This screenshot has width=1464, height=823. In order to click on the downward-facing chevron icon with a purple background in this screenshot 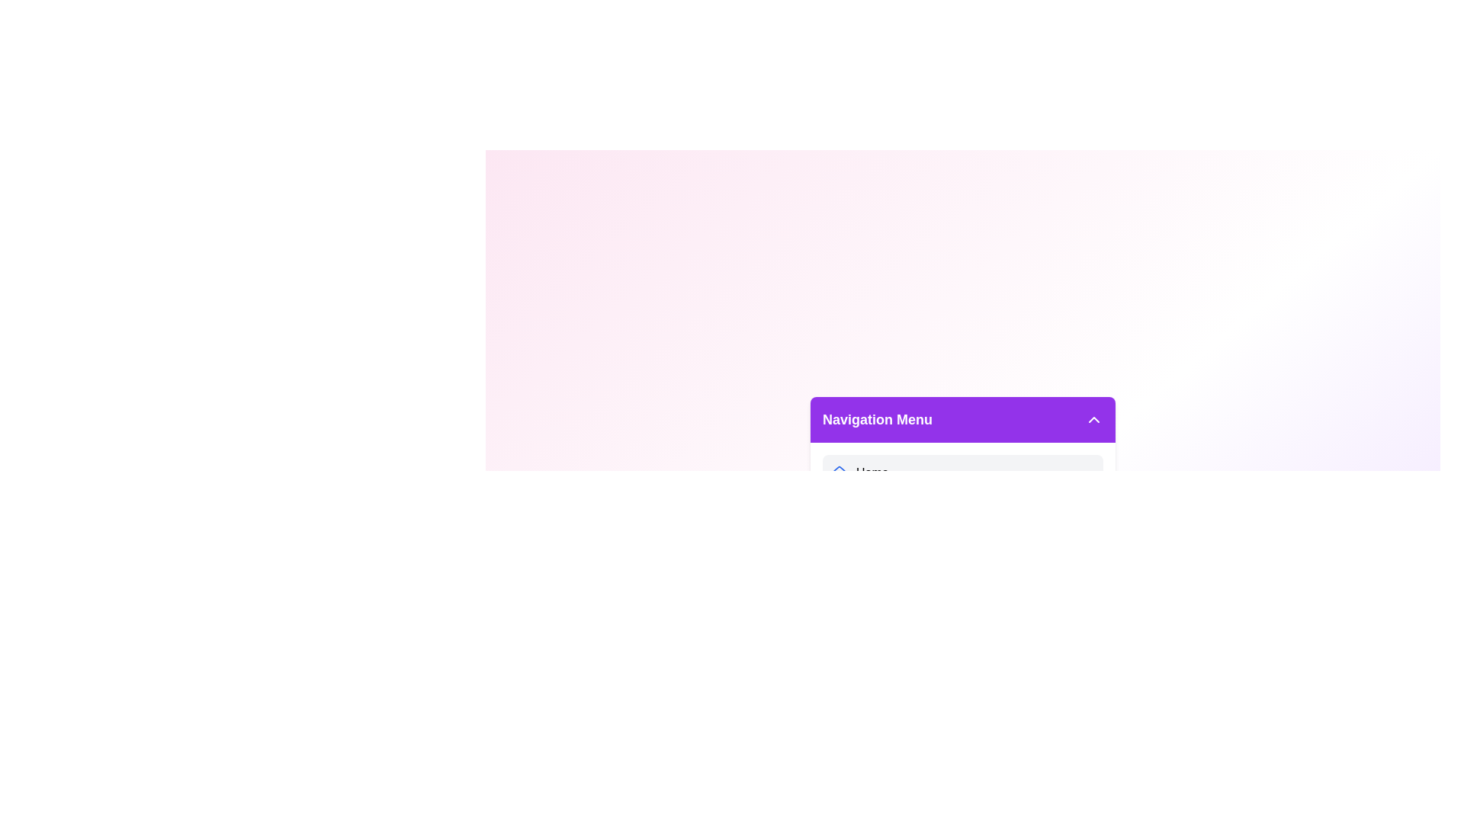, I will do `click(1093, 420)`.